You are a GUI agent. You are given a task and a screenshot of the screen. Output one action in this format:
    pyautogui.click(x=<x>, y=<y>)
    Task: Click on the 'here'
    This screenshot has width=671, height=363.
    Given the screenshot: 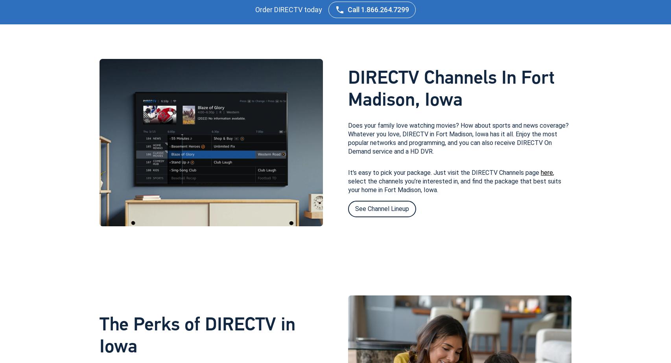 What is the action you would take?
    pyautogui.click(x=546, y=172)
    